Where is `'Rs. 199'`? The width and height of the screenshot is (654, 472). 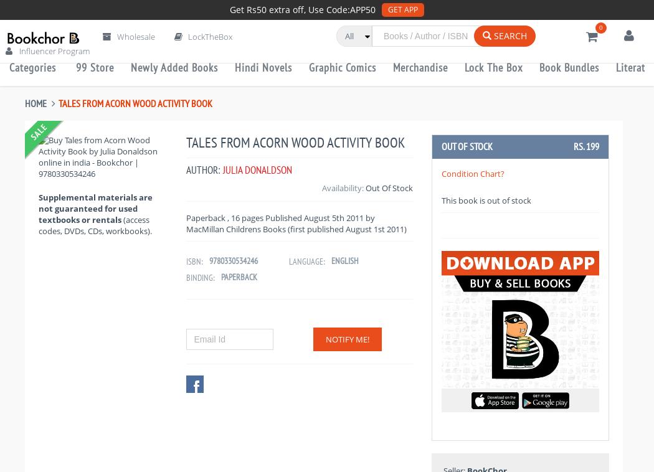 'Rs. 199' is located at coordinates (573, 145).